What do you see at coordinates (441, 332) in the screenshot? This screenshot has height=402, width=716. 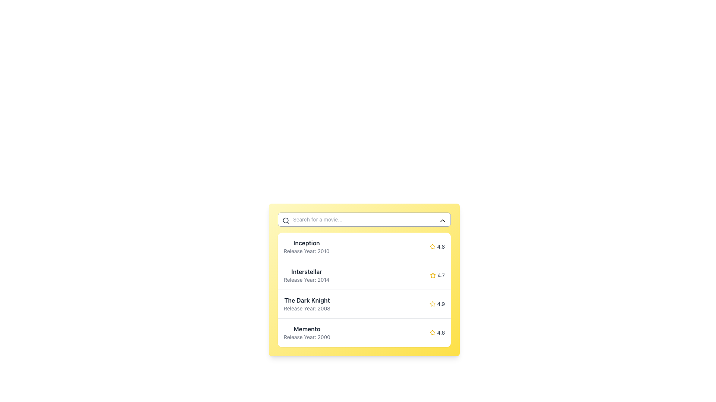 I see `the text label displaying '4.6', which is styled in gray and located in the bottom row of a yellow card interface, adjacent to a yellow star icon` at bounding box center [441, 332].